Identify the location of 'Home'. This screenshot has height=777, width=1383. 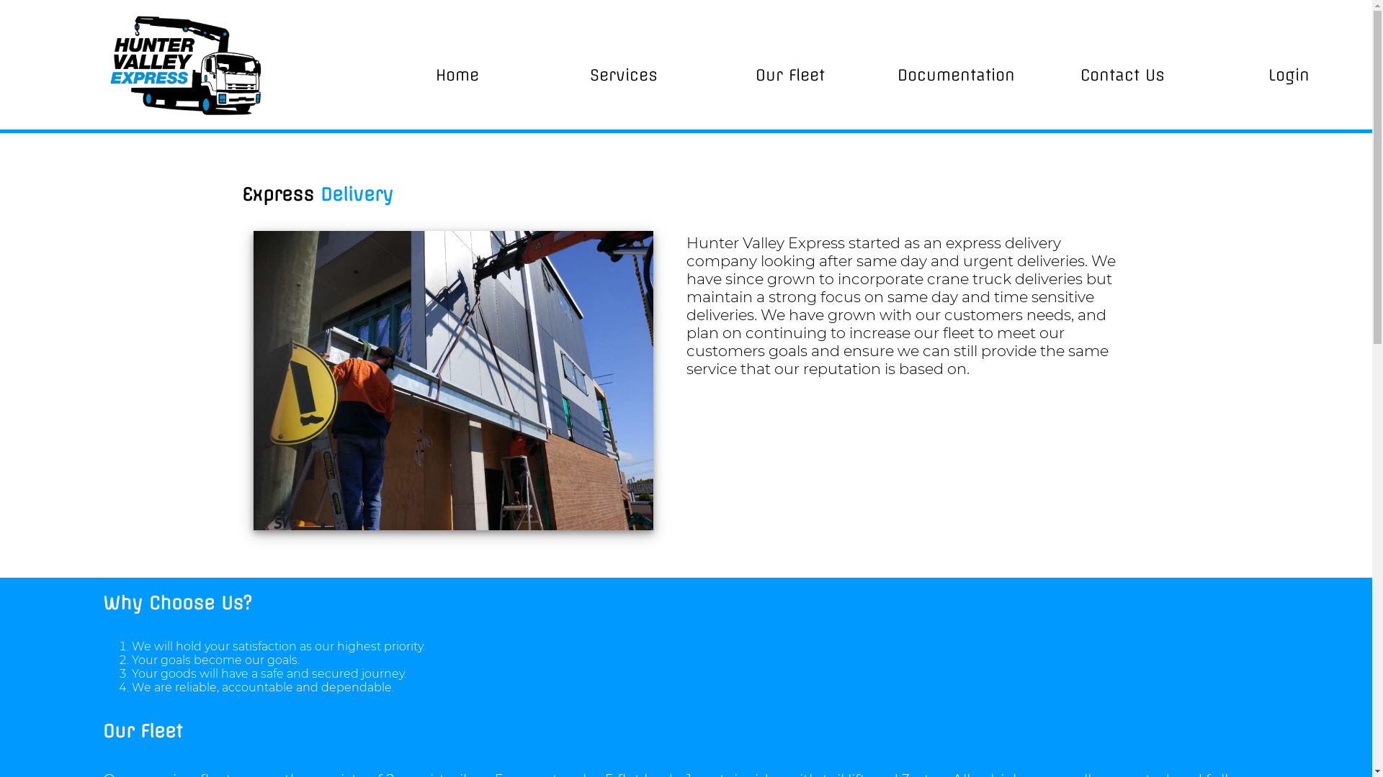
(456, 75).